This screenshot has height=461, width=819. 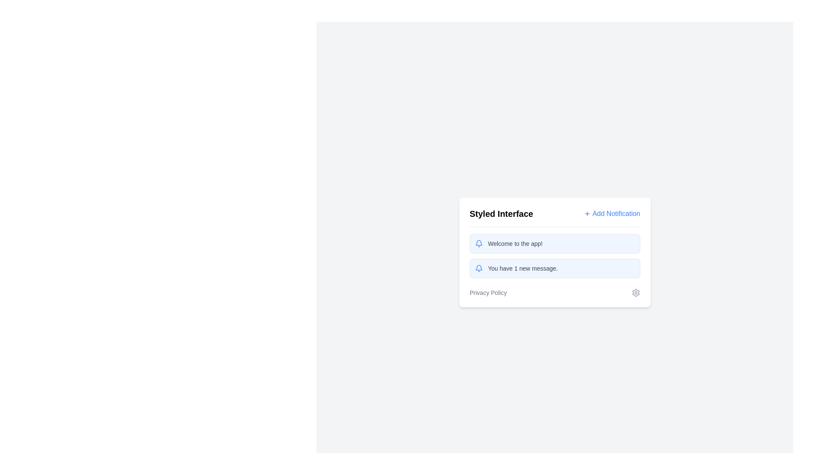 What do you see at coordinates (488, 292) in the screenshot?
I see `the 'Privacy Policy' hyperlink located in the footer section of the 'Styled Interface' UI card` at bounding box center [488, 292].